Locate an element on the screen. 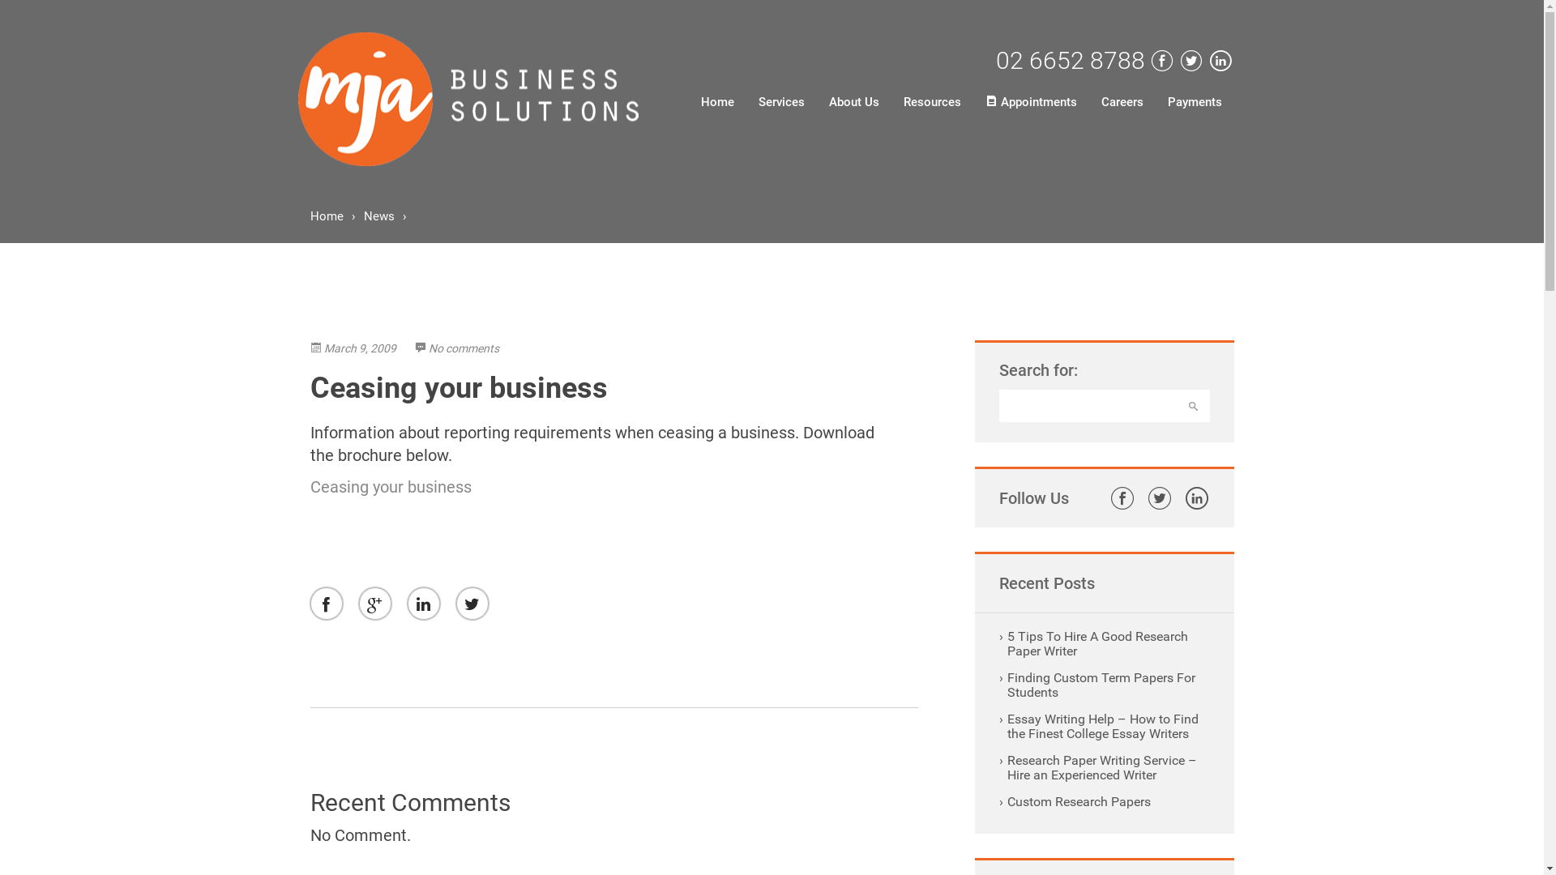 Image resolution: width=1556 pixels, height=875 pixels. '02 6652 8788' is located at coordinates (1070, 59).